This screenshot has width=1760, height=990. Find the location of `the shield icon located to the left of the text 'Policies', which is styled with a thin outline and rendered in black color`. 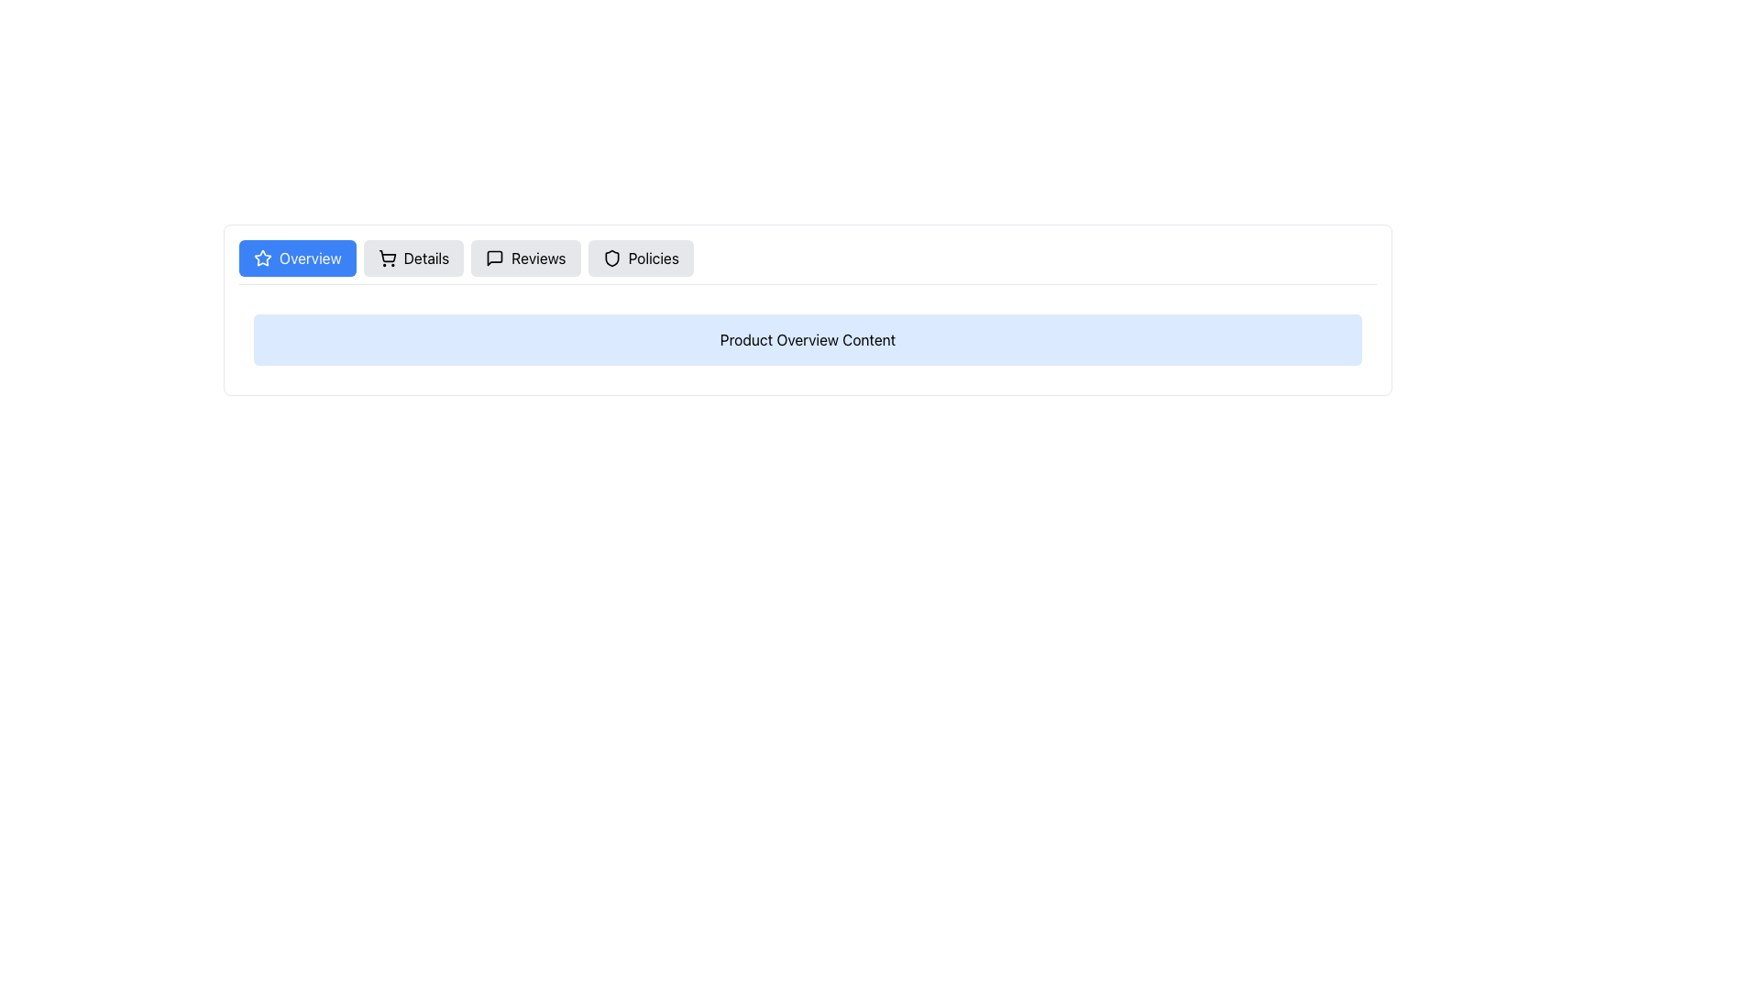

the shield icon located to the left of the text 'Policies', which is styled with a thin outline and rendered in black color is located at coordinates (611, 258).